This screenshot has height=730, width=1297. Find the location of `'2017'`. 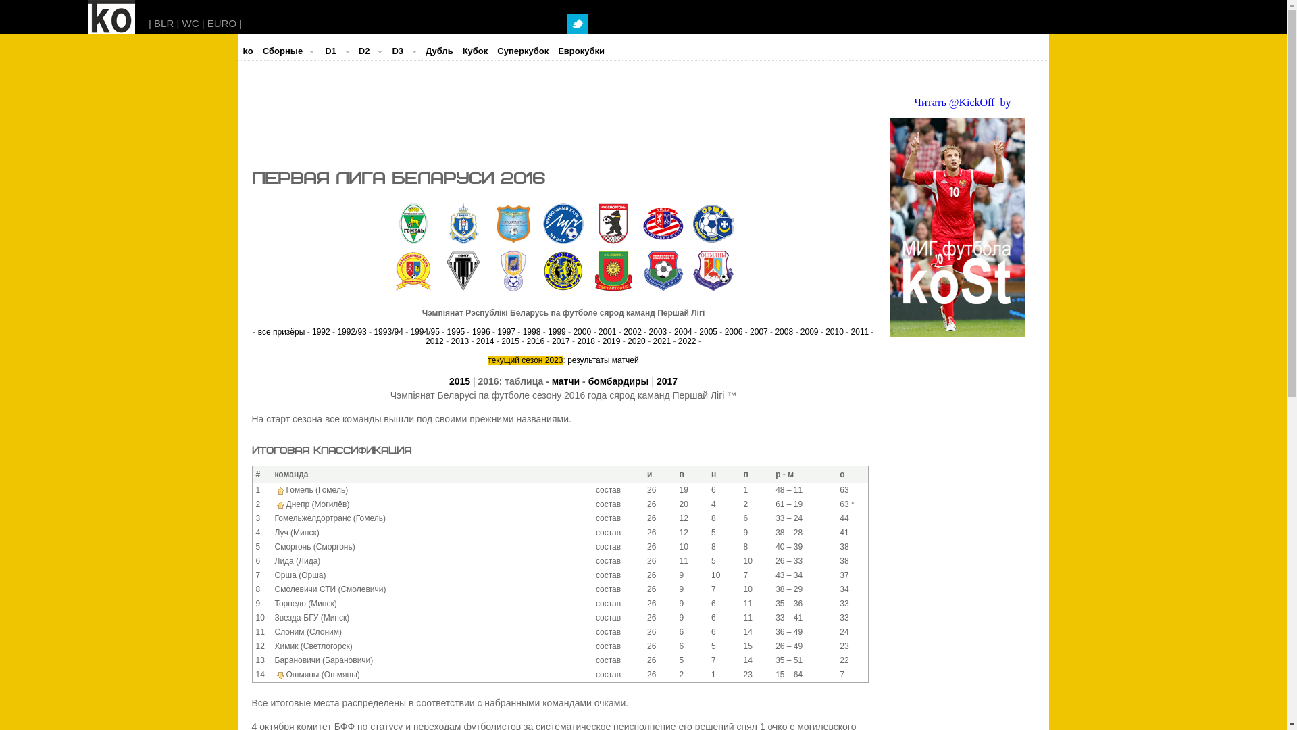

'2017' is located at coordinates (667, 381).